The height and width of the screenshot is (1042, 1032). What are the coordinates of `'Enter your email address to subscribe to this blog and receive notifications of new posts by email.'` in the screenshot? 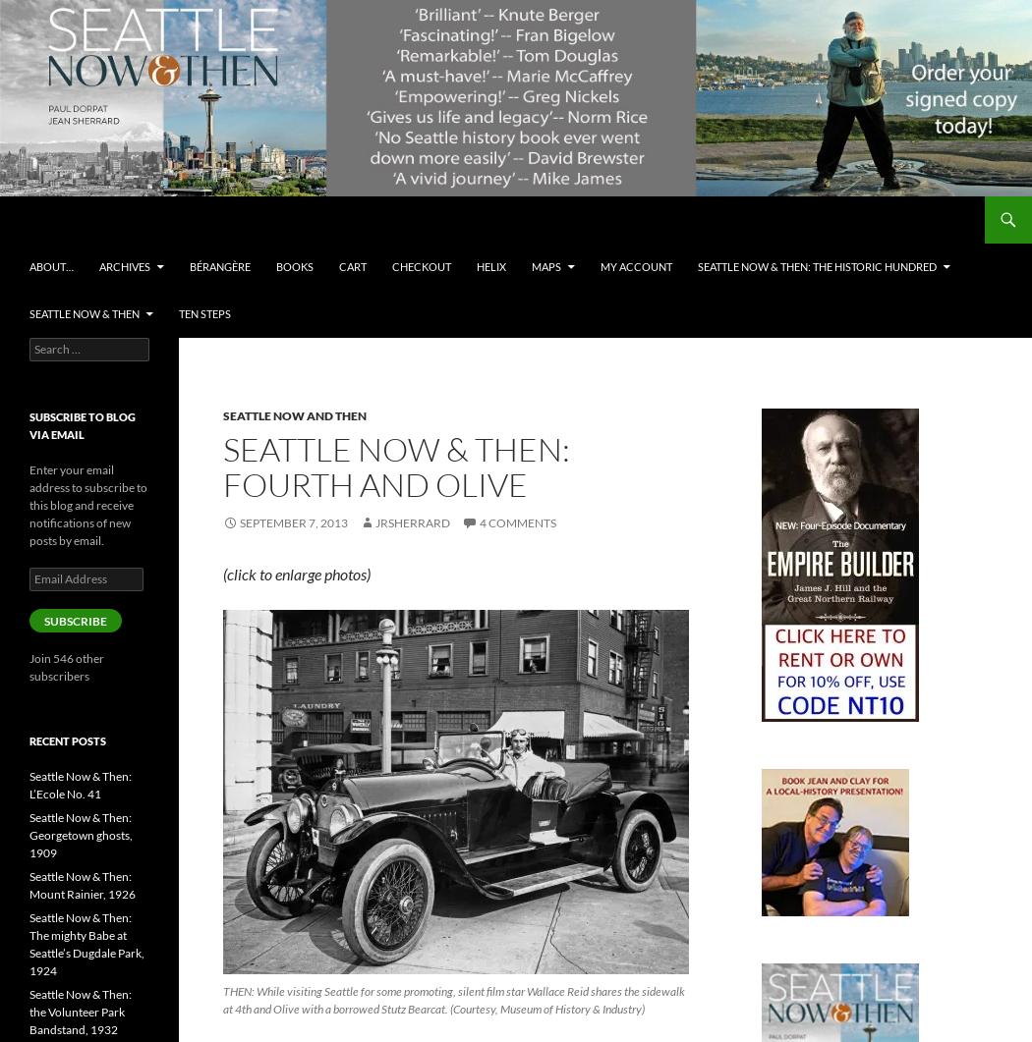 It's located at (87, 505).